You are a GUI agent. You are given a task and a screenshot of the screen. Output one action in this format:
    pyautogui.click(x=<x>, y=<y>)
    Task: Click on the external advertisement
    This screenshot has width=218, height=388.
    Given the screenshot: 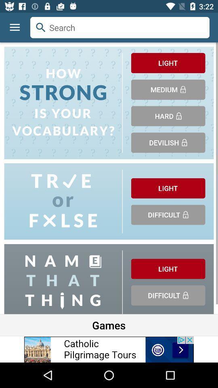 What is the action you would take?
    pyautogui.click(x=109, y=349)
    